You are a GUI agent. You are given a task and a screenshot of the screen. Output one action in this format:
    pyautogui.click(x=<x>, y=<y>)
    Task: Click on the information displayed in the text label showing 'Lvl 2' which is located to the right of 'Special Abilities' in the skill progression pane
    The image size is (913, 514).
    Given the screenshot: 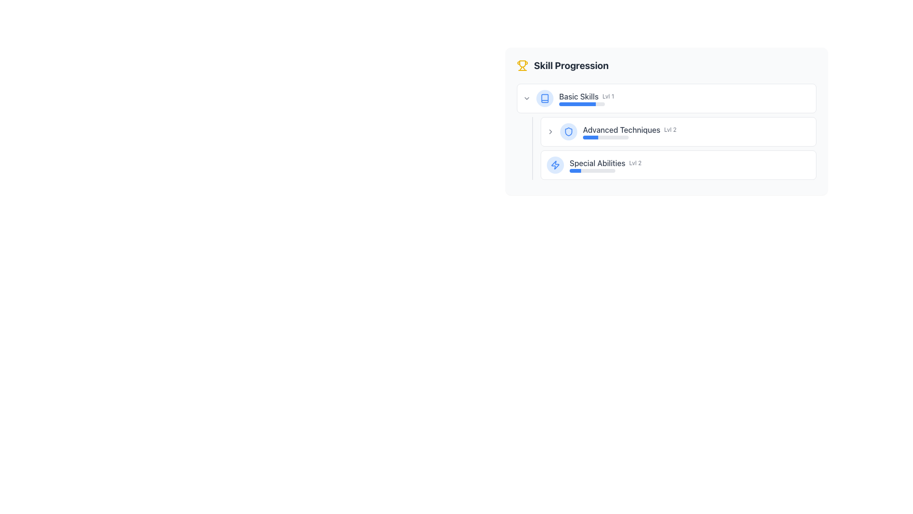 What is the action you would take?
    pyautogui.click(x=635, y=163)
    